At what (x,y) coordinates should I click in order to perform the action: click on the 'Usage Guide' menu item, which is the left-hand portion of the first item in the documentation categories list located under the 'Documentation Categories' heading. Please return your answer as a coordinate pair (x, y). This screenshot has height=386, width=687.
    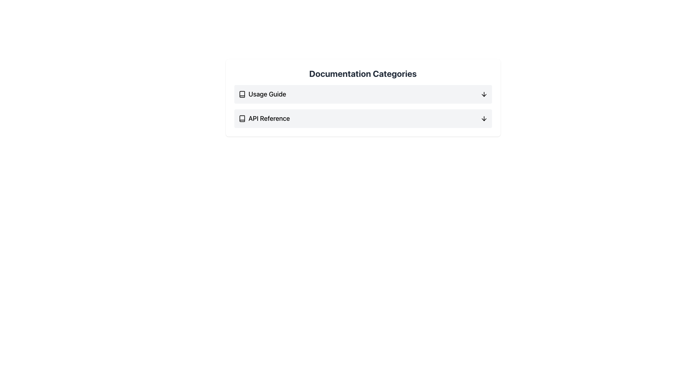
    Looking at the image, I should click on (262, 94).